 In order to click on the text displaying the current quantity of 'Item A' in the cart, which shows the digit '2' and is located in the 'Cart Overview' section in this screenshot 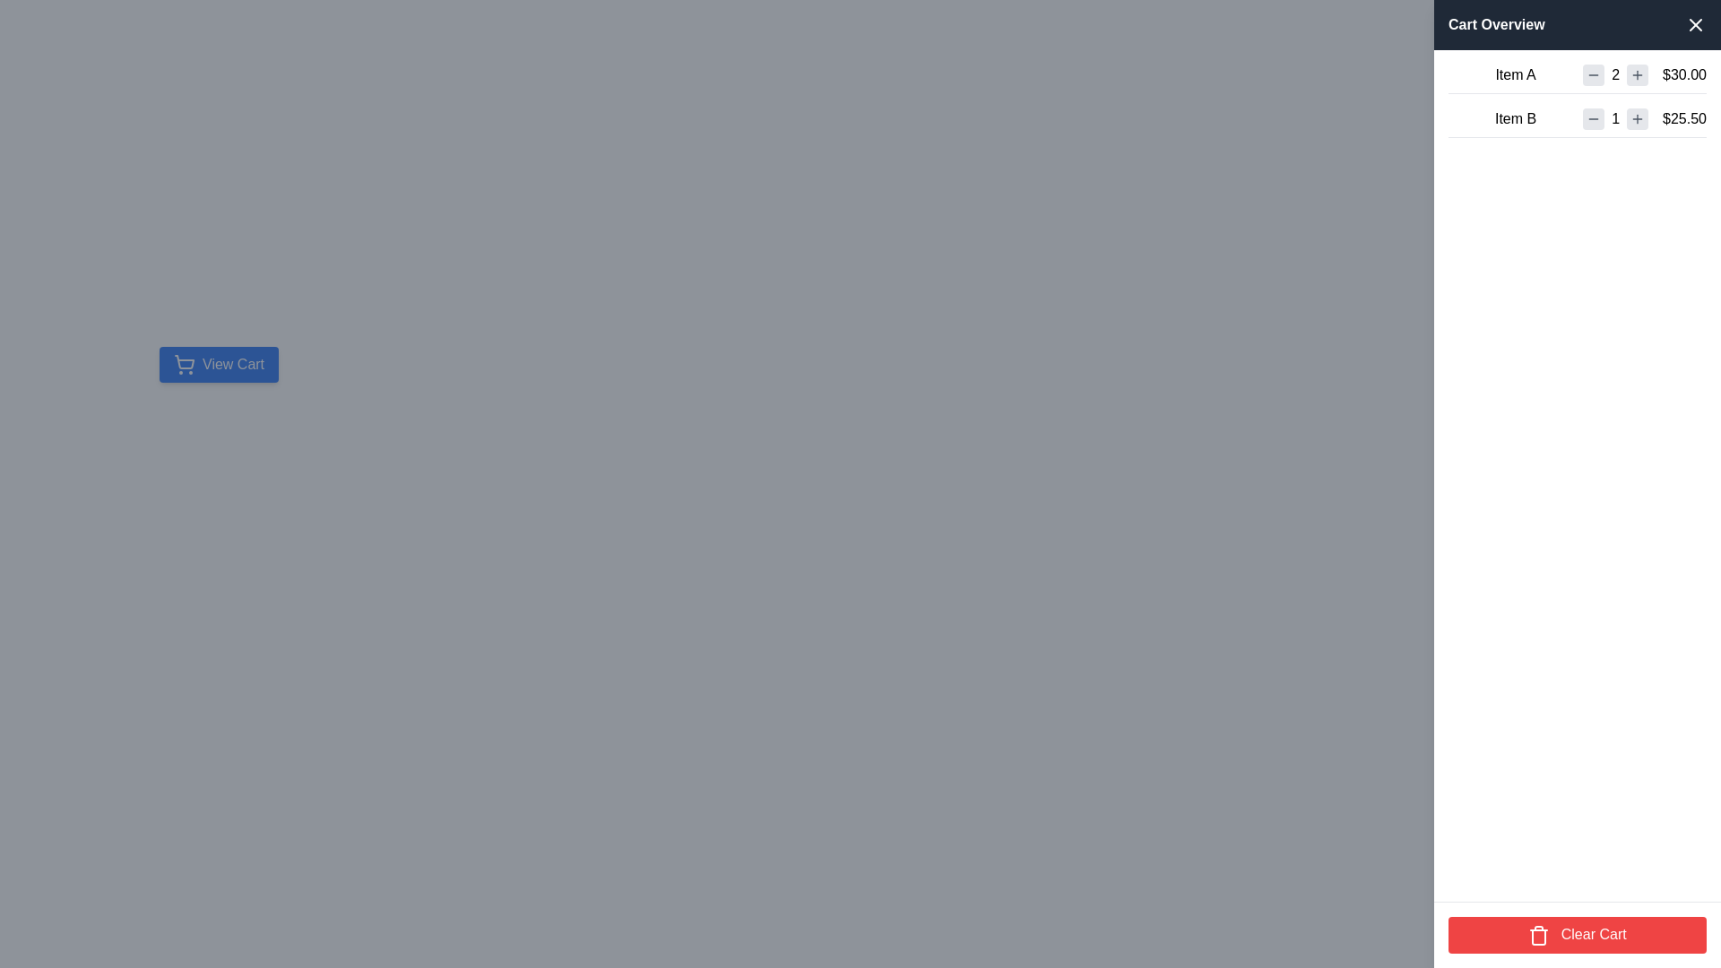, I will do `click(1615, 74)`.